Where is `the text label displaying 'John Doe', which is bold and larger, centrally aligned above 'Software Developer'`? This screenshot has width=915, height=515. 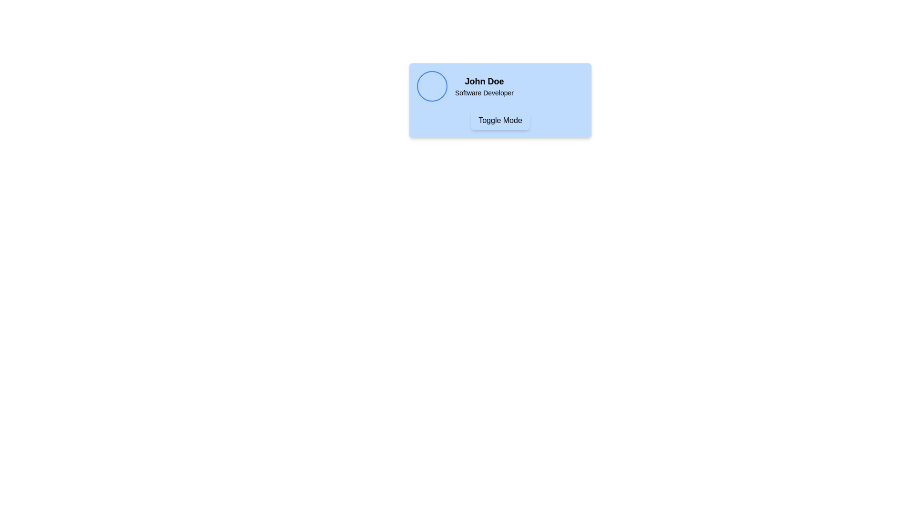
the text label displaying 'John Doe', which is bold and larger, centrally aligned above 'Software Developer' is located at coordinates (484, 81).